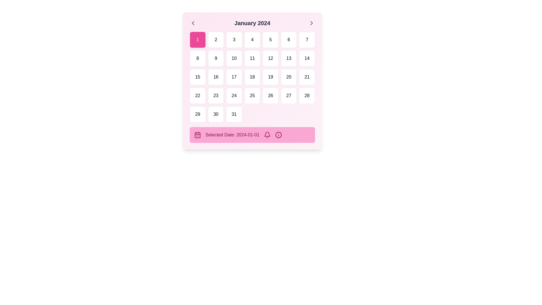 The height and width of the screenshot is (305, 542). I want to click on the button labeled '2', which is a rectangular button with a rounded border and a white background, so click(215, 40).